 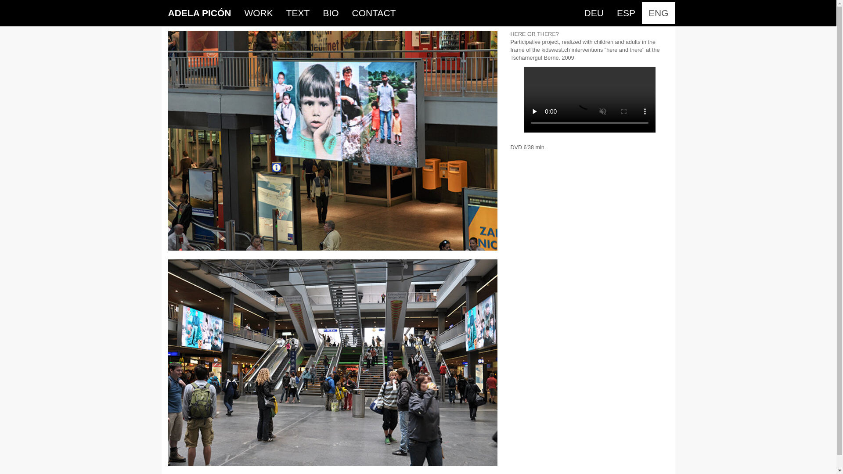 What do you see at coordinates (279, 13) in the screenshot?
I see `'TEXT'` at bounding box center [279, 13].